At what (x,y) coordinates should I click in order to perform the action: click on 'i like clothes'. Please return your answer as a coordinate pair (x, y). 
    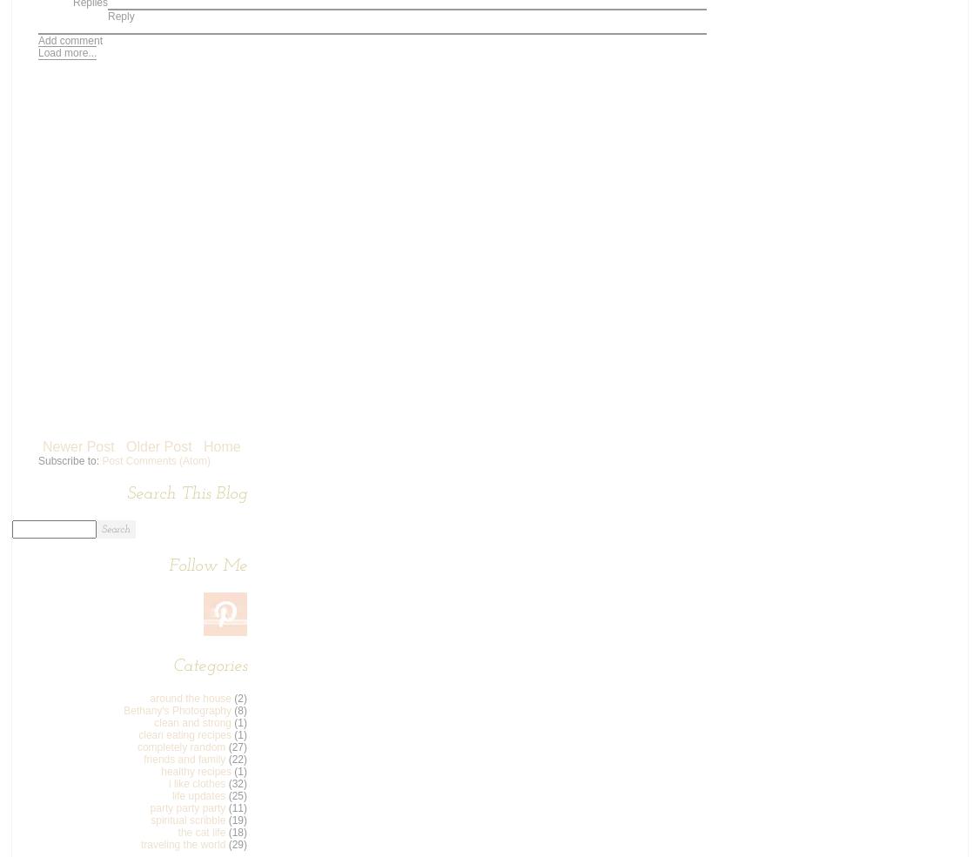
    Looking at the image, I should click on (196, 782).